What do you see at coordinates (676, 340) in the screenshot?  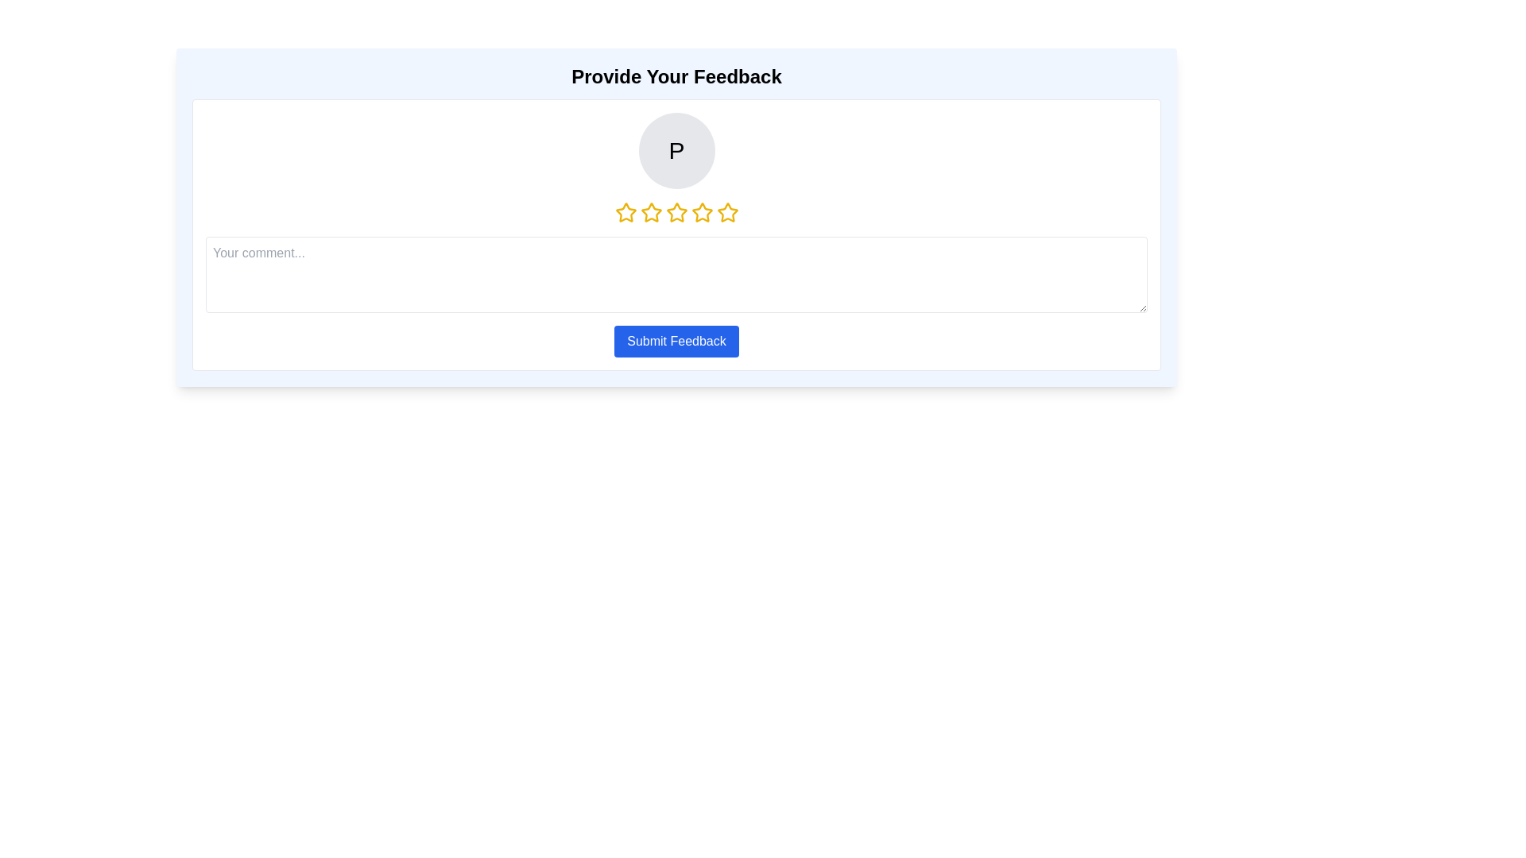 I see `the 'Submit Feedback' button` at bounding box center [676, 340].